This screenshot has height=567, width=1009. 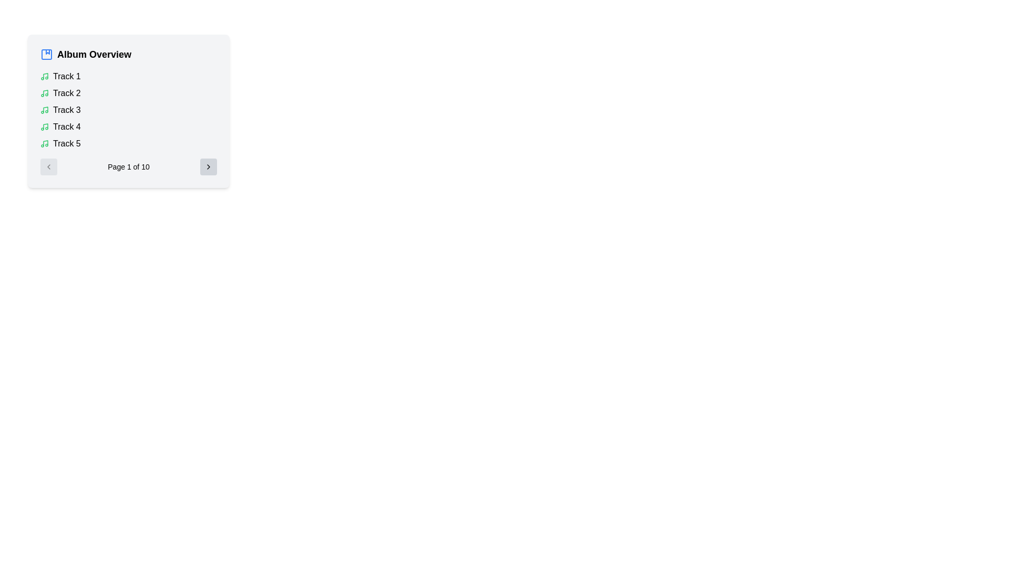 What do you see at coordinates (128, 76) in the screenshot?
I see `the interactive list item labeled 'Track 1' in the 'Album Overview' section for interaction` at bounding box center [128, 76].